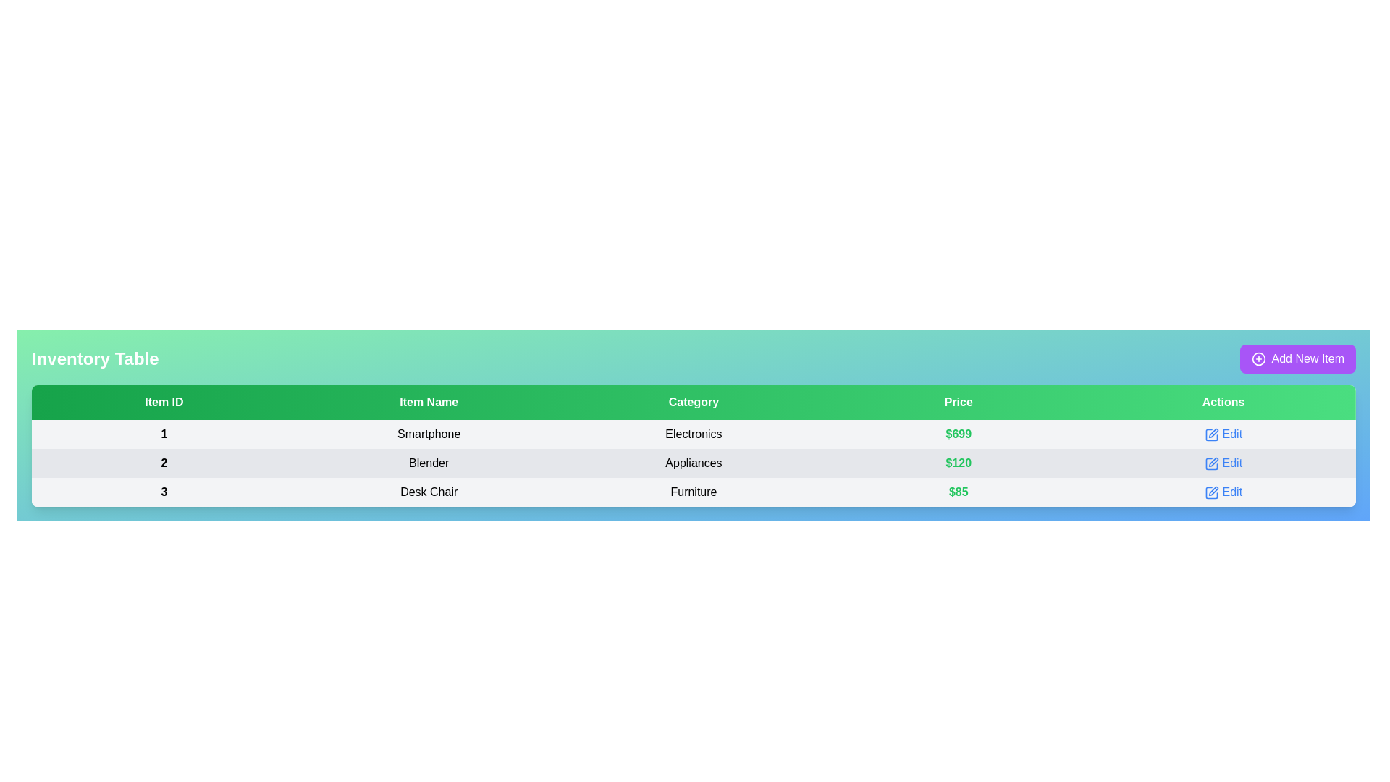 Image resolution: width=1390 pixels, height=782 pixels. What do you see at coordinates (1222, 434) in the screenshot?
I see `the edit button located in the 'Actions' column of the first row of the table, which corresponds to the 'Smartphone' item` at bounding box center [1222, 434].